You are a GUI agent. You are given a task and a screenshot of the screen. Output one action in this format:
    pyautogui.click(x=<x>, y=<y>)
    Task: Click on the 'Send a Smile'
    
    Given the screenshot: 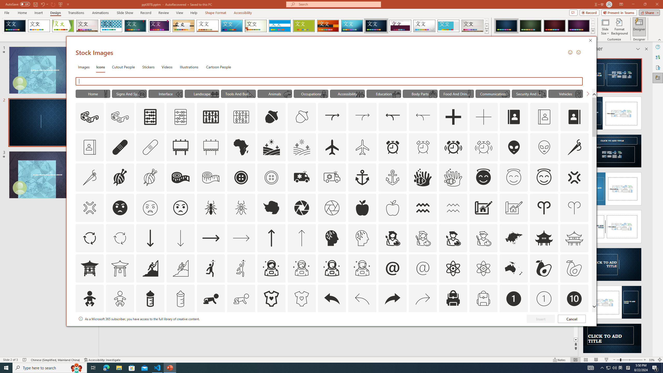 What is the action you would take?
    pyautogui.click(x=570, y=52)
    